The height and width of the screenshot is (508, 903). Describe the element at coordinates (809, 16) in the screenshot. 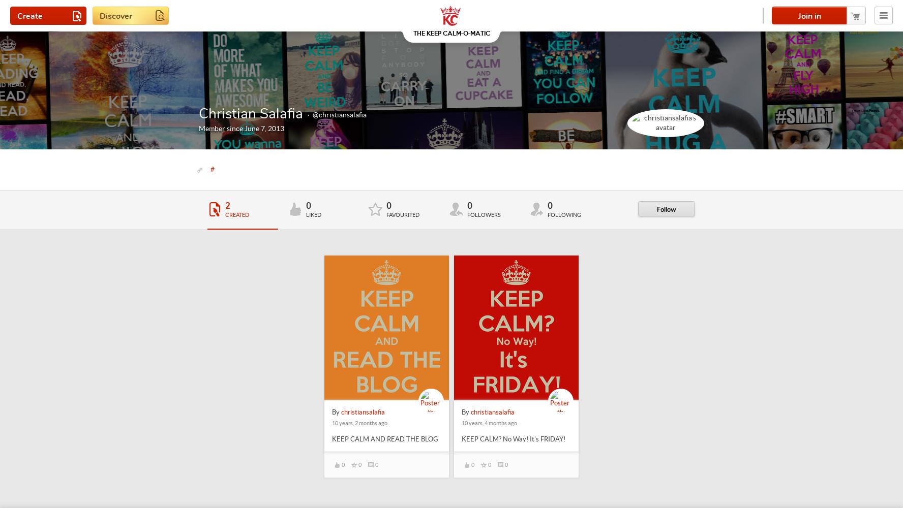

I see `'Join in'` at that location.